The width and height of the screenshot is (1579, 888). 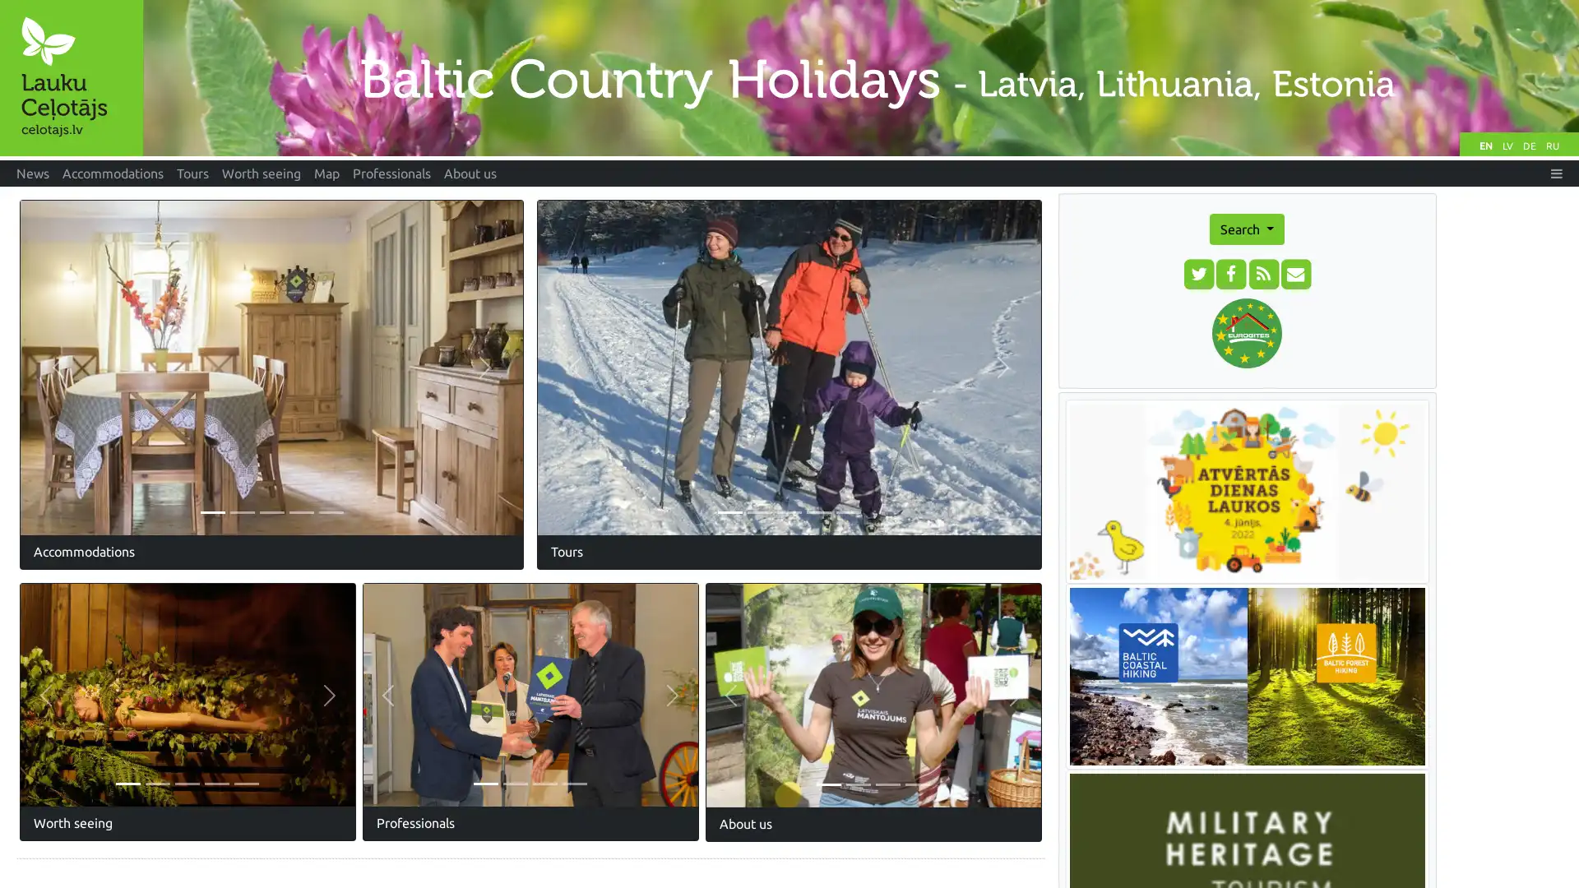 What do you see at coordinates (1014, 695) in the screenshot?
I see `Next` at bounding box center [1014, 695].